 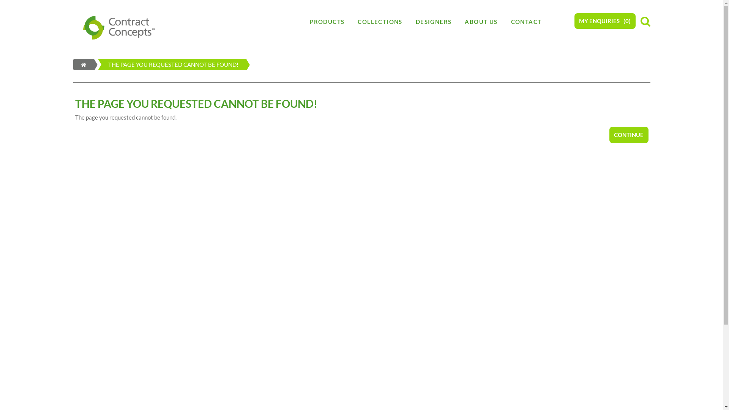 What do you see at coordinates (458, 21) in the screenshot?
I see `'ABOUT US'` at bounding box center [458, 21].